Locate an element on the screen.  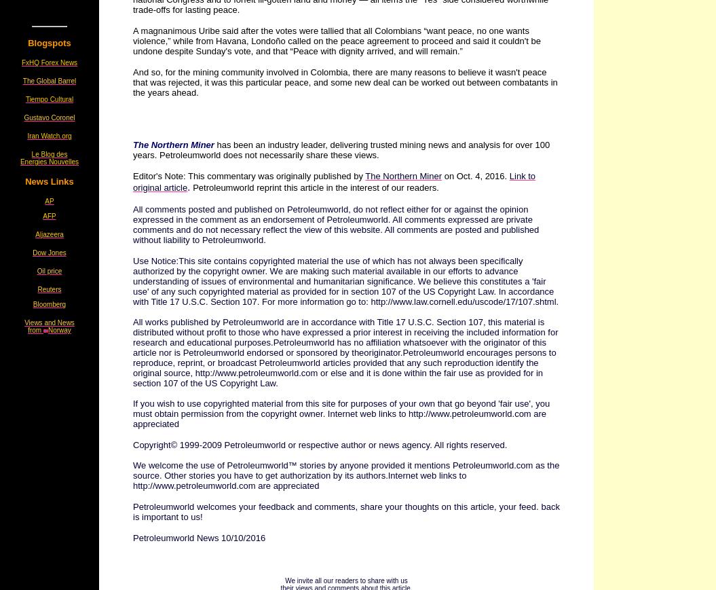
'We invite all our readers to share with us' is located at coordinates (345, 580).